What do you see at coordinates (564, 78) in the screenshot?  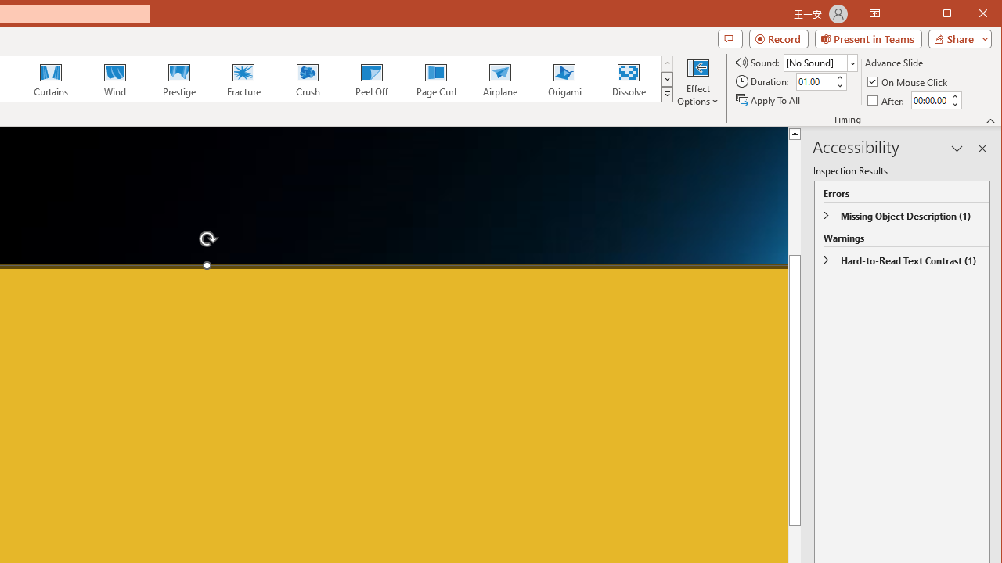 I see `'Origami'` at bounding box center [564, 78].